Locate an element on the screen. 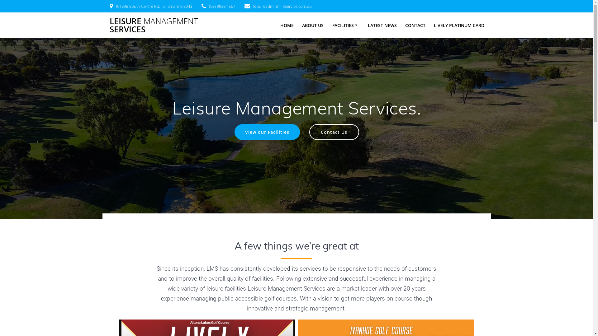  'CONTACT' is located at coordinates (415, 25).